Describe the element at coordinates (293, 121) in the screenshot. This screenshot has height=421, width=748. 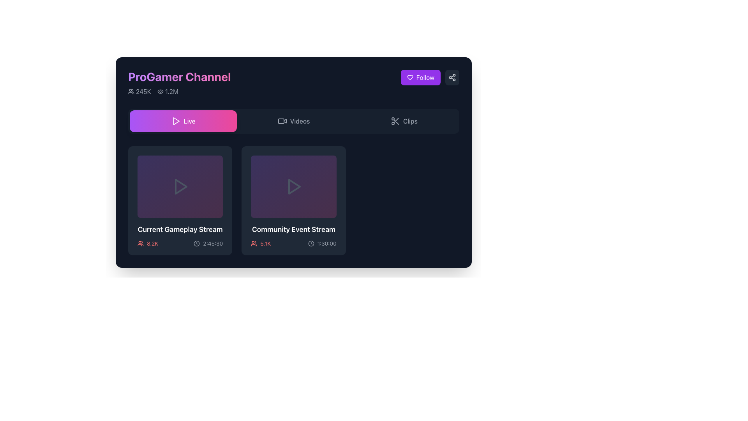
I see `the specific menu item in the Navigation menu bar located below the 'ProGamer Channel' title` at that location.